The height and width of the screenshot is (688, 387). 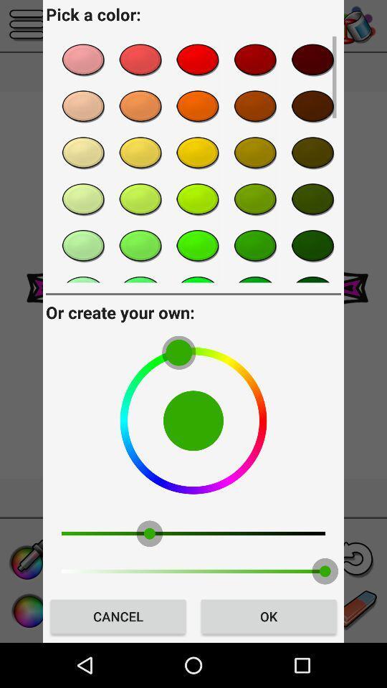 I want to click on the icon to the left of the ok item, so click(x=118, y=616).